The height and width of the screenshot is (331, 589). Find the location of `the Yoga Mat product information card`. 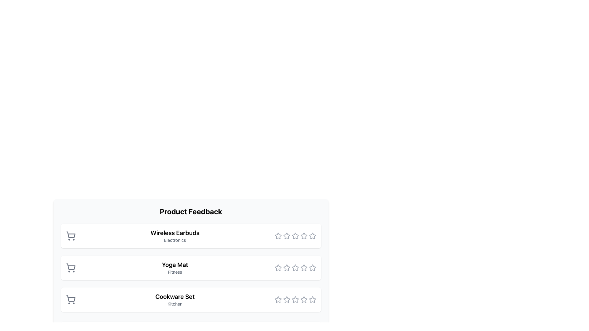

the Yoga Mat product information card is located at coordinates (191, 268).